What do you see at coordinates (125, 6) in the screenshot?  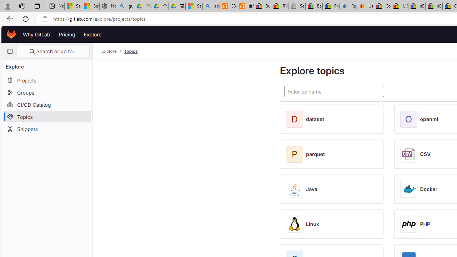 I see `'guge yunpan - Search'` at bounding box center [125, 6].